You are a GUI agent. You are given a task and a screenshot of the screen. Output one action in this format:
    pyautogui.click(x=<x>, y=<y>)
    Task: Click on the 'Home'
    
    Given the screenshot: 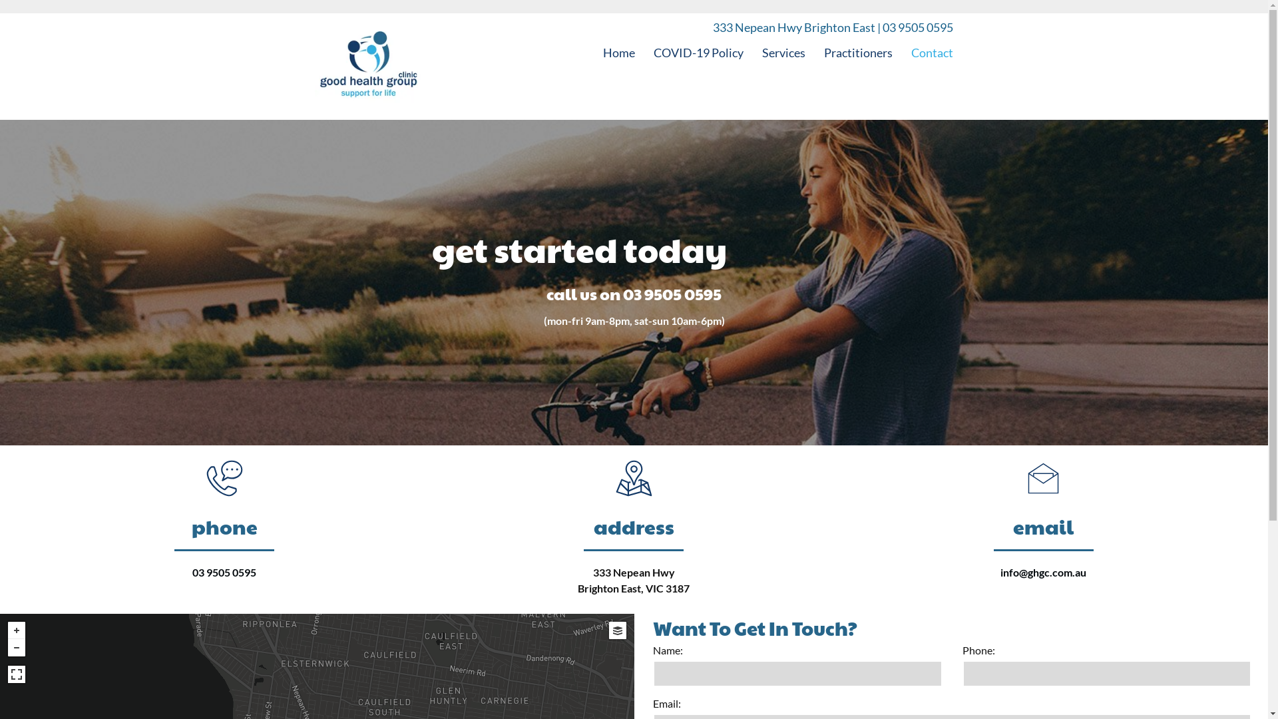 What is the action you would take?
    pyautogui.click(x=618, y=51)
    